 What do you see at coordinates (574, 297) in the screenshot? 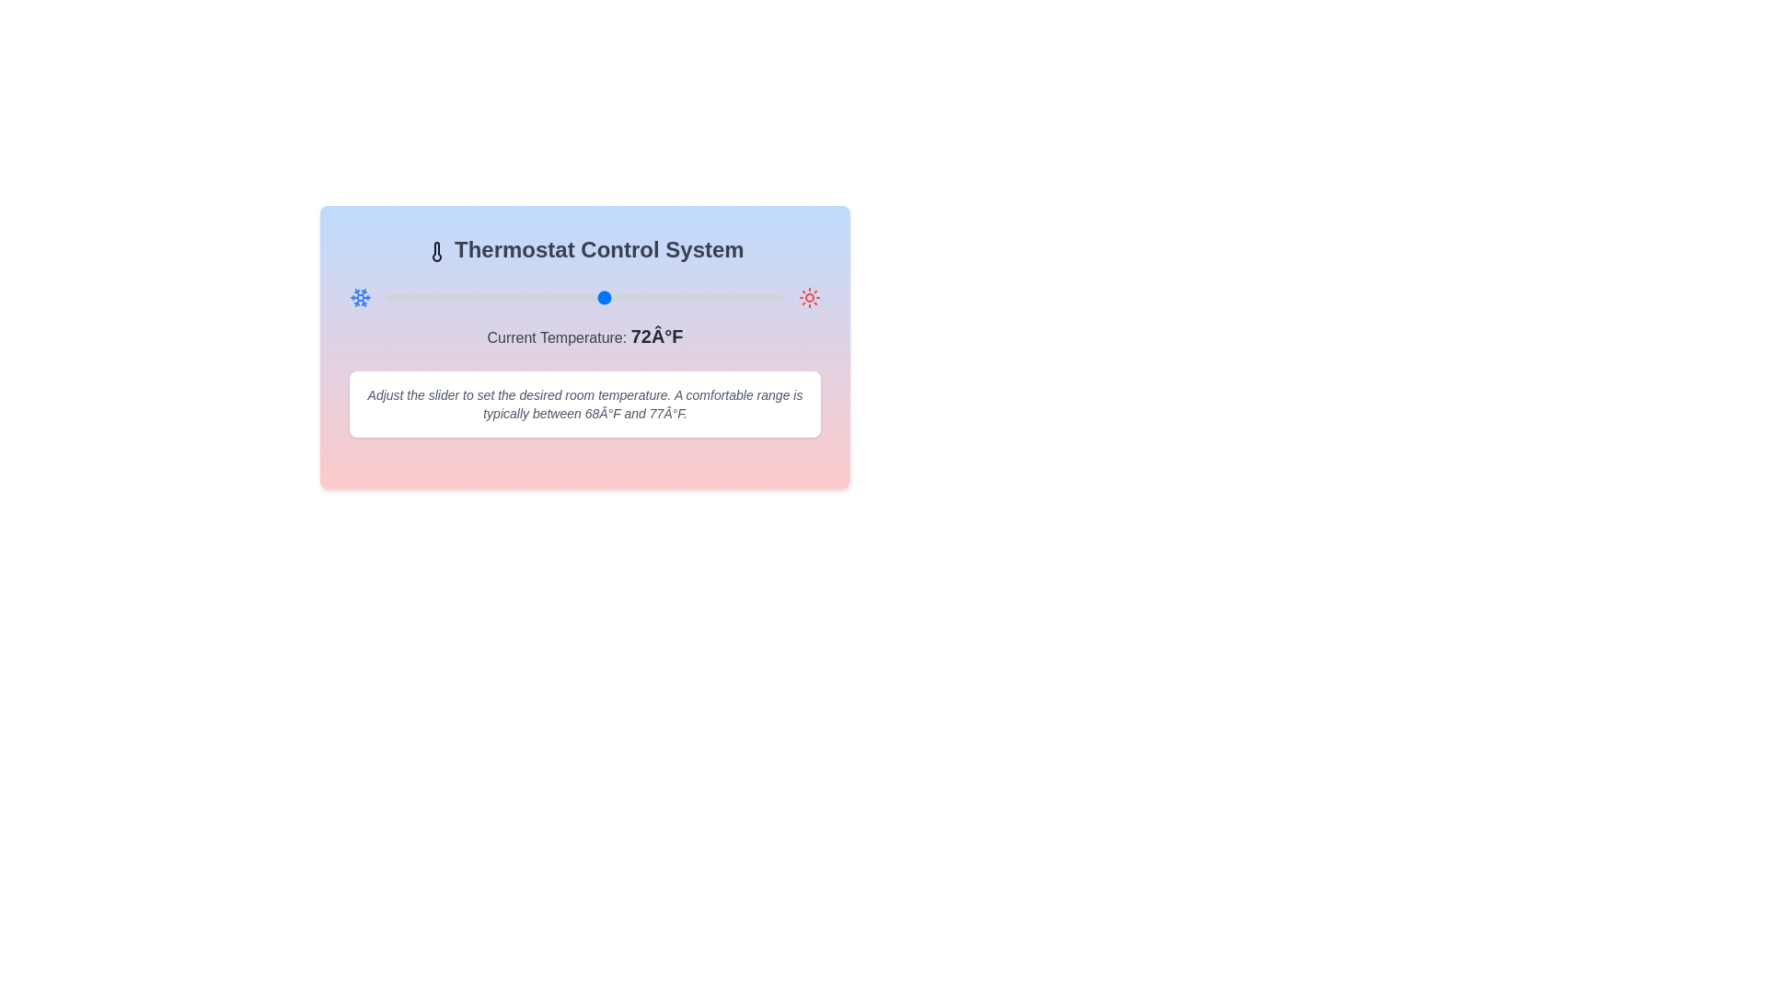
I see `the temperature slider to set the temperature to 69°F` at bounding box center [574, 297].